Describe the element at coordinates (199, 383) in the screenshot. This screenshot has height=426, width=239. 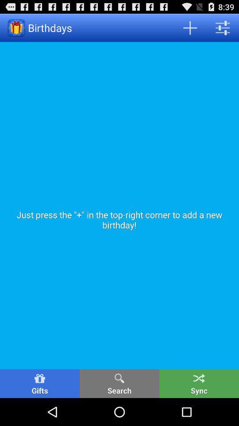
I see `the icon at the bottom right corner` at that location.